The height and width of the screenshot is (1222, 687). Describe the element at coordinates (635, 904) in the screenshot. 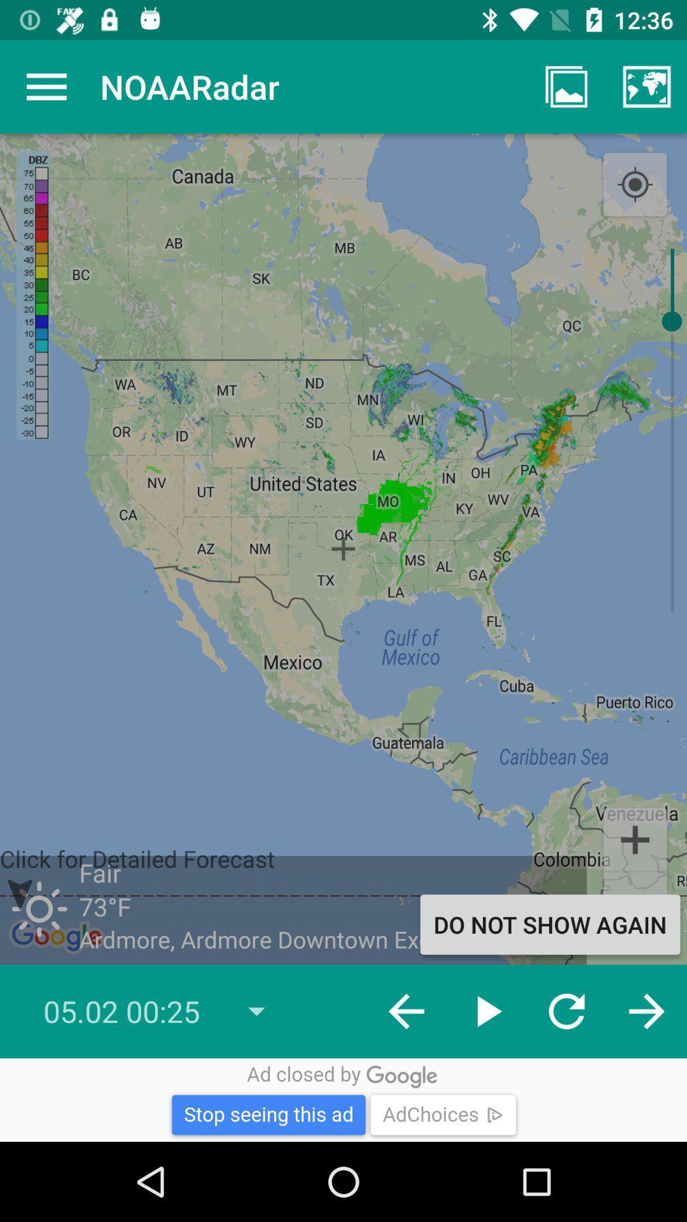

I see `the videocam icon` at that location.